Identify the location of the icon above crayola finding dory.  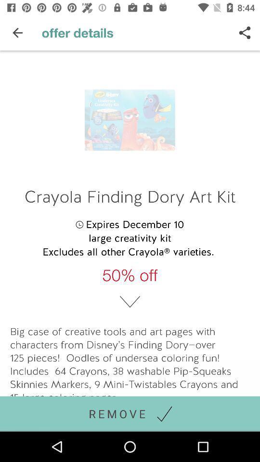
(17, 33).